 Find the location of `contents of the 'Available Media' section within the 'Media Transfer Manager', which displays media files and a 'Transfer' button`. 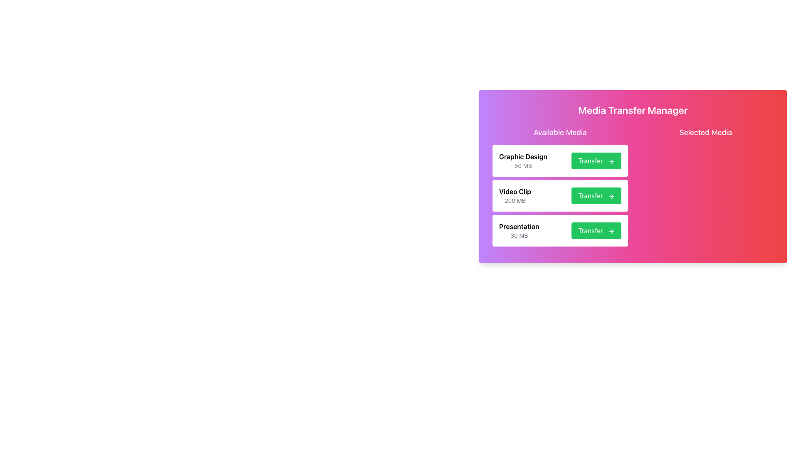

contents of the 'Available Media' section within the 'Media Transfer Manager', which displays media files and a 'Transfer' button is located at coordinates (632, 188).